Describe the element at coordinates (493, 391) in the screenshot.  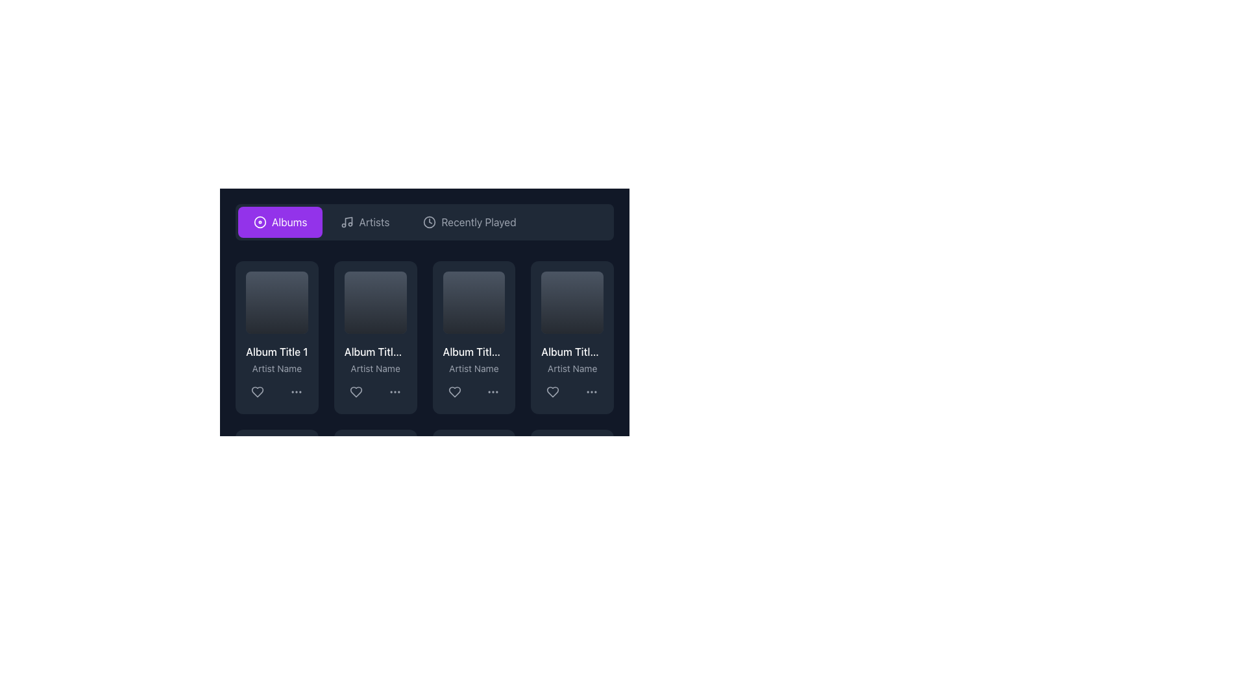
I see `the button with an icon located at the far right of the controls beneath the third album card` at that location.